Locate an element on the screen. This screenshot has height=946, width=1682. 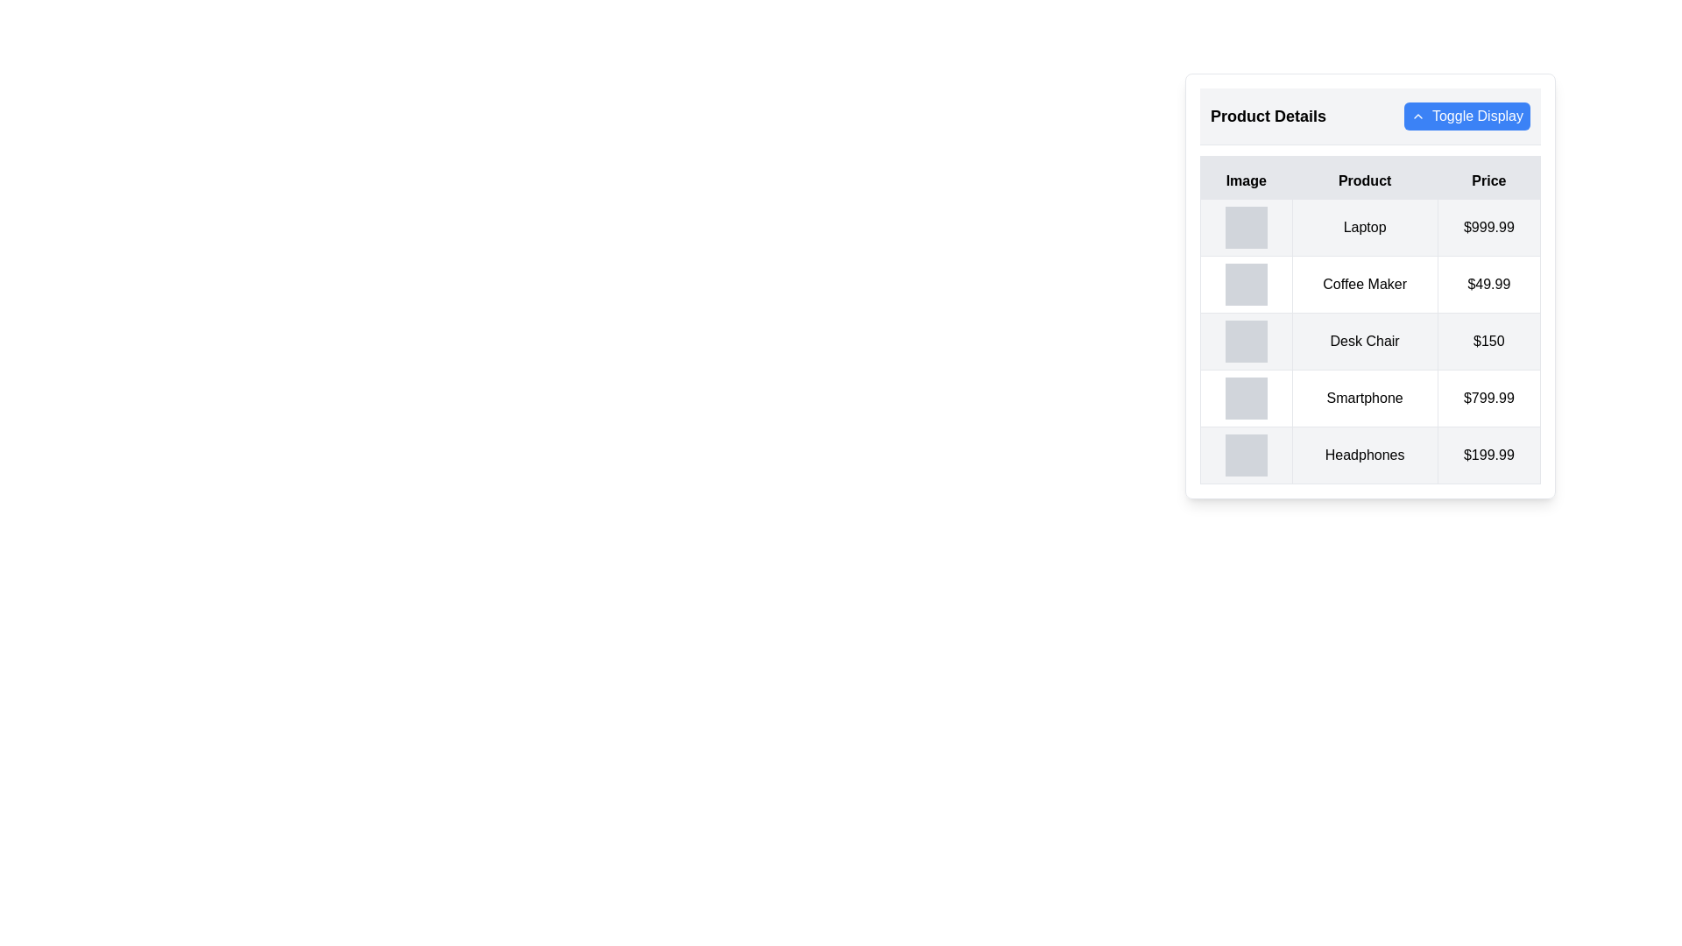
product's name 'Headphones' and the corresponding price '$199.99' from the last row of the product table is located at coordinates (1369, 455).